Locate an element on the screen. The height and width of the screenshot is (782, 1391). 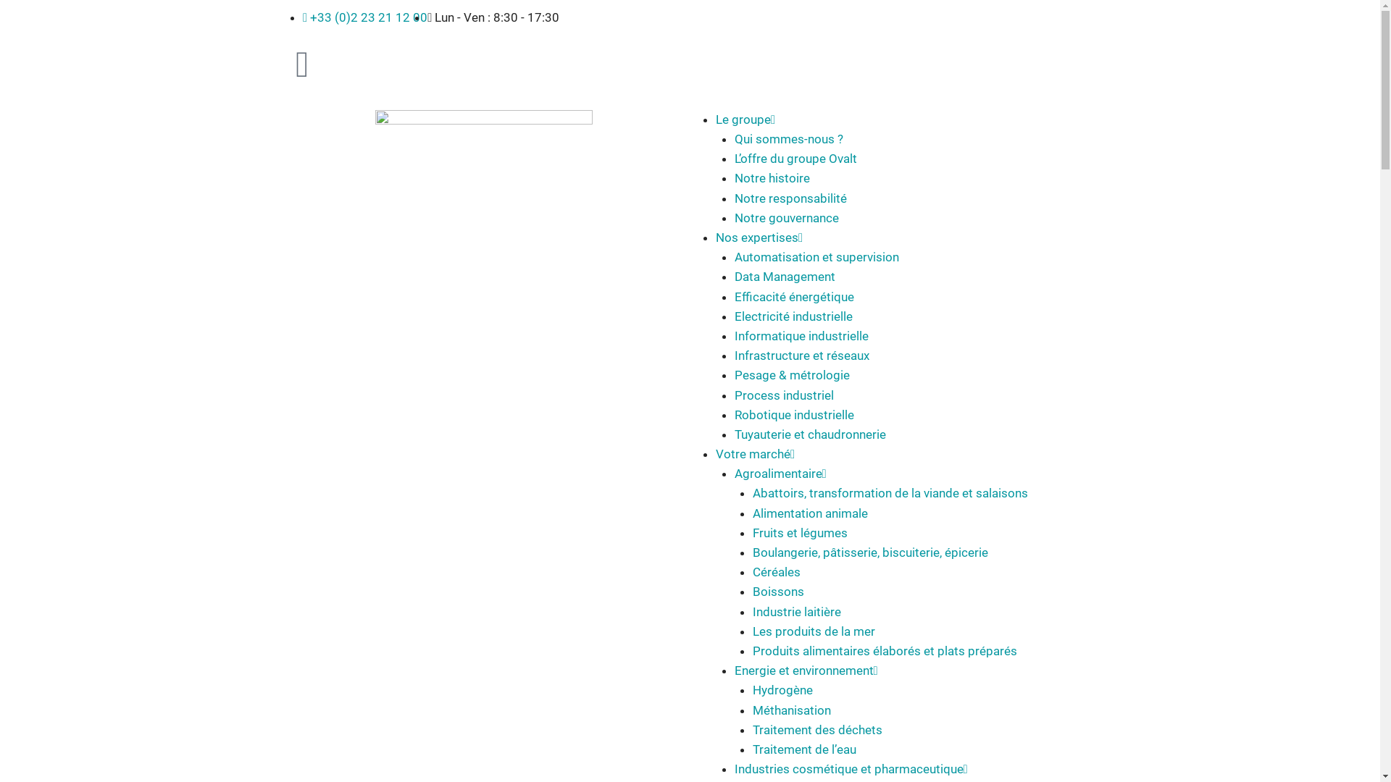
'Data Management' is located at coordinates (784, 276).